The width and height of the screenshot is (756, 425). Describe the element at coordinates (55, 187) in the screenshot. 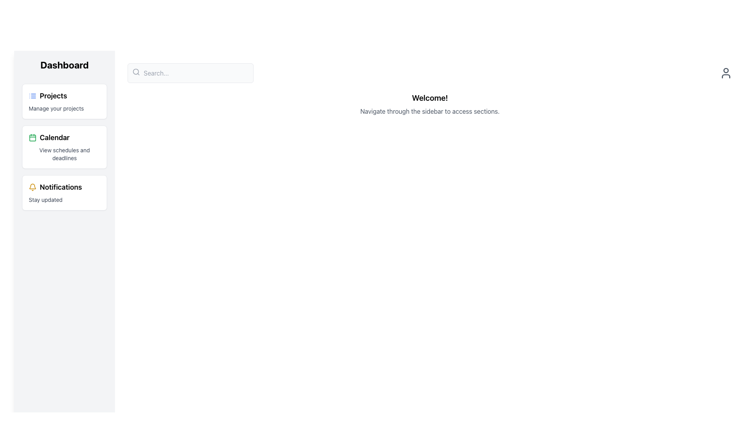

I see `the Label with an icon that serves as a heading for the notification section, located in the third card of the left sidebar` at that location.